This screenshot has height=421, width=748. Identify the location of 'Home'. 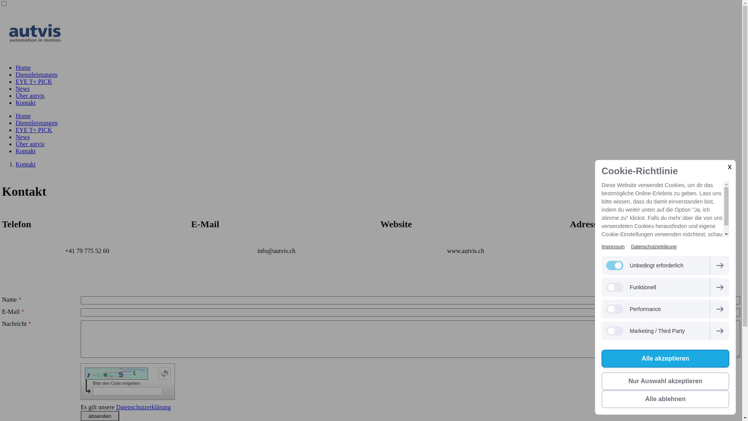
(23, 67).